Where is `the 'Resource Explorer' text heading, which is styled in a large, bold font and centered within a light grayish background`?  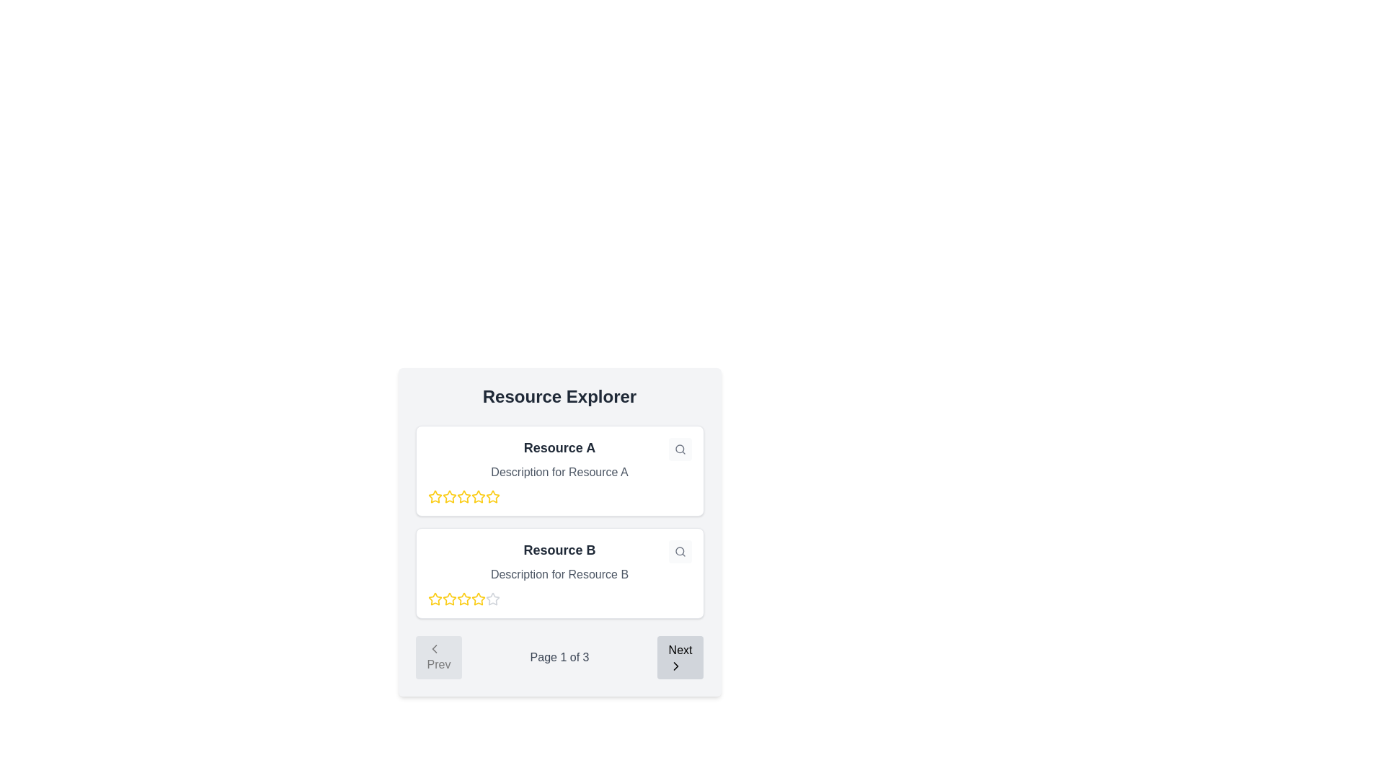 the 'Resource Explorer' text heading, which is styled in a large, bold font and centered within a light grayish background is located at coordinates (559, 397).